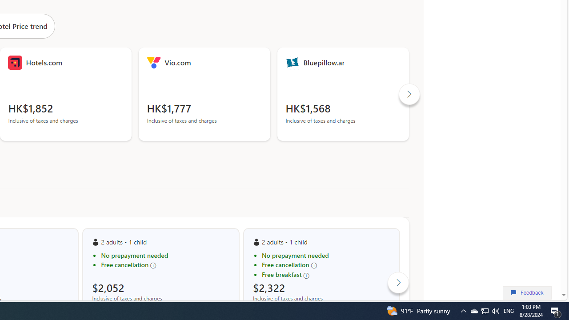  What do you see at coordinates (325, 275) in the screenshot?
I see `'Free breakfast'` at bounding box center [325, 275].